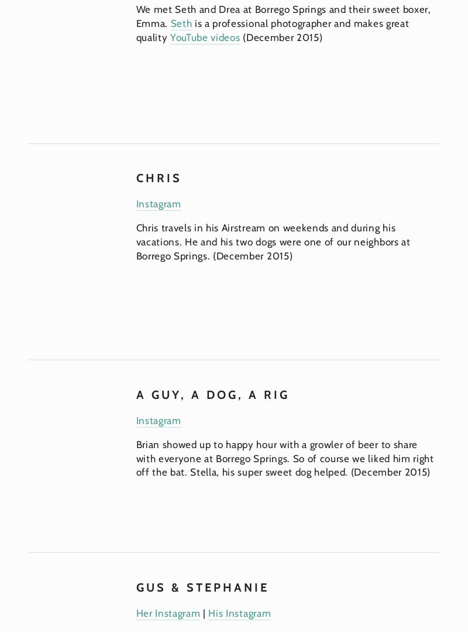  I want to click on 'GUS & STEPHANIE', so click(202, 586).